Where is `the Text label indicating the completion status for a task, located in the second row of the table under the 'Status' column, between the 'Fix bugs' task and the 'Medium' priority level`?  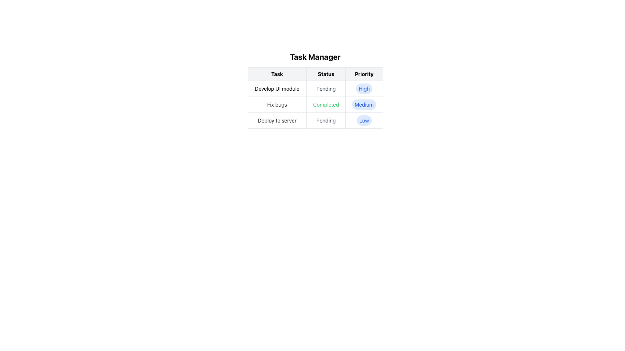
the Text label indicating the completion status for a task, located in the second row of the table under the 'Status' column, between the 'Fix bugs' task and the 'Medium' priority level is located at coordinates (326, 104).